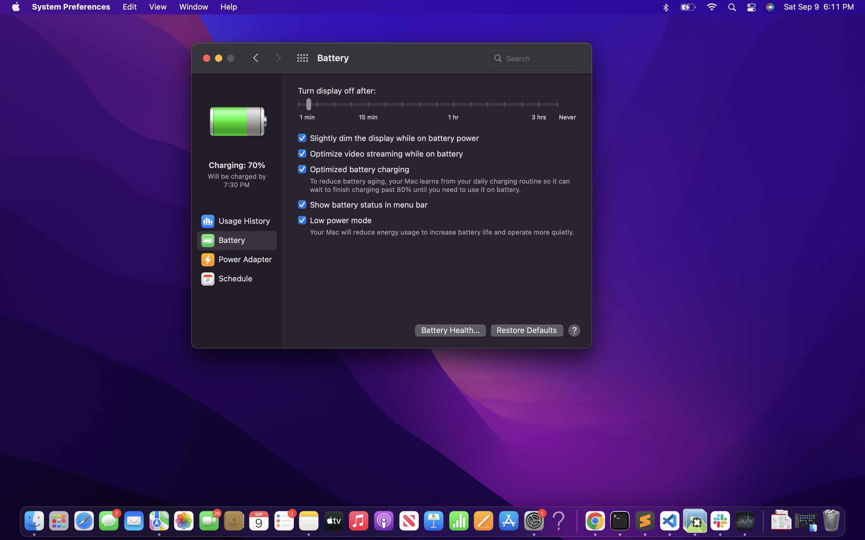 The width and height of the screenshot is (865, 540). What do you see at coordinates (206, 57) in the screenshot?
I see `Terminate the existing window` at bounding box center [206, 57].